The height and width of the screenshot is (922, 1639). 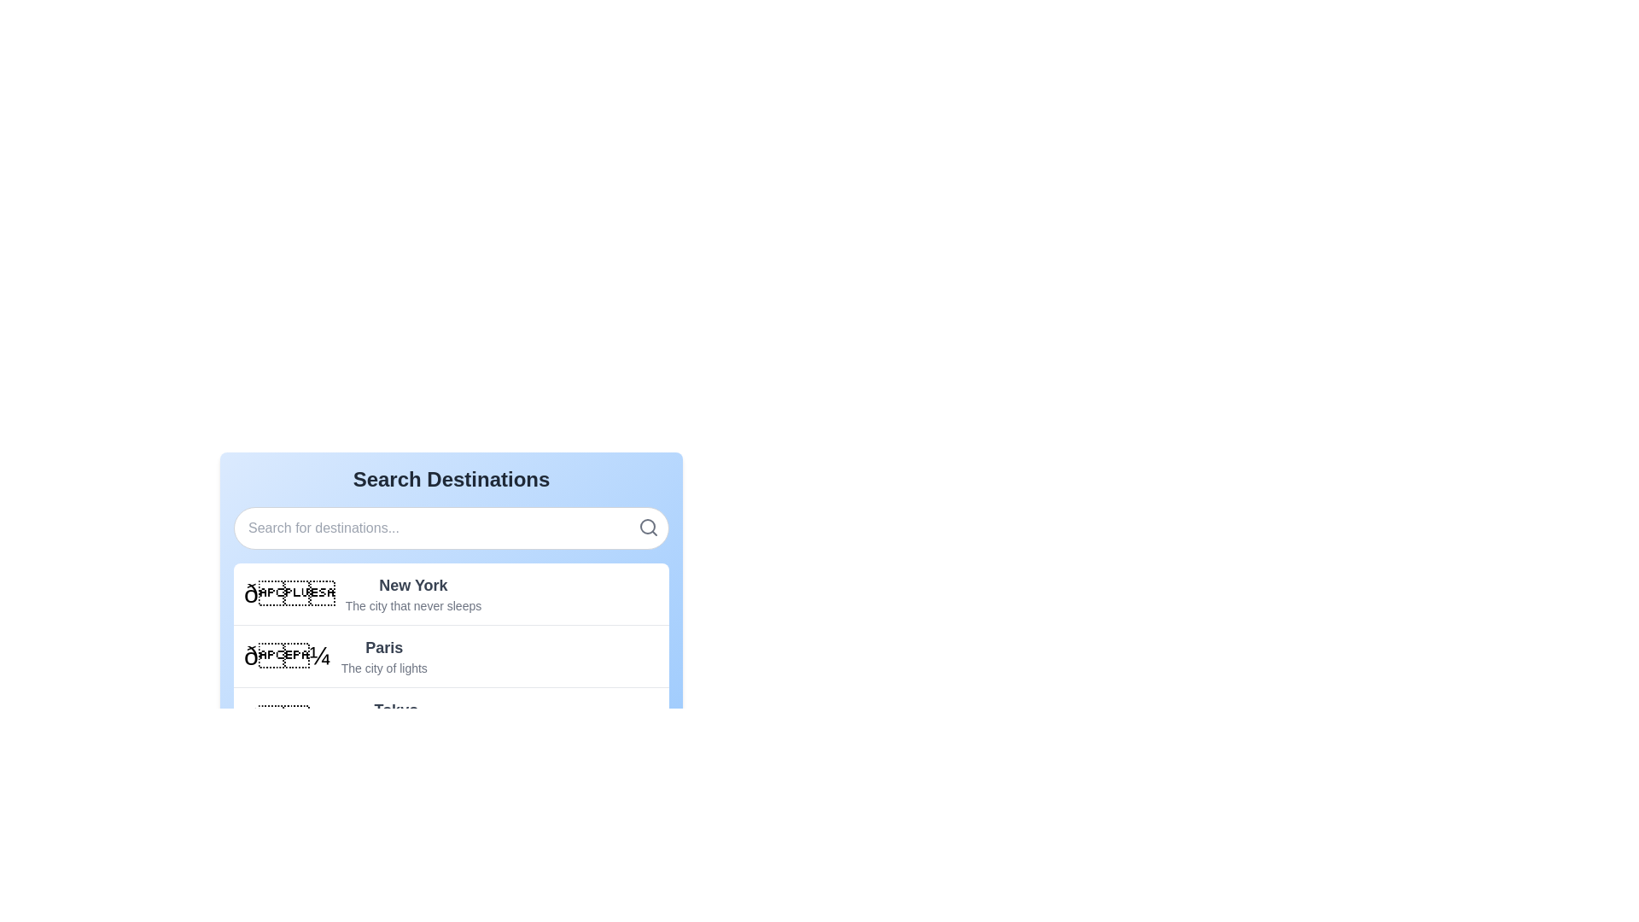 What do you see at coordinates (413, 585) in the screenshot?
I see `the text label displaying 'New York', which is the title text for the first item in a list of options` at bounding box center [413, 585].